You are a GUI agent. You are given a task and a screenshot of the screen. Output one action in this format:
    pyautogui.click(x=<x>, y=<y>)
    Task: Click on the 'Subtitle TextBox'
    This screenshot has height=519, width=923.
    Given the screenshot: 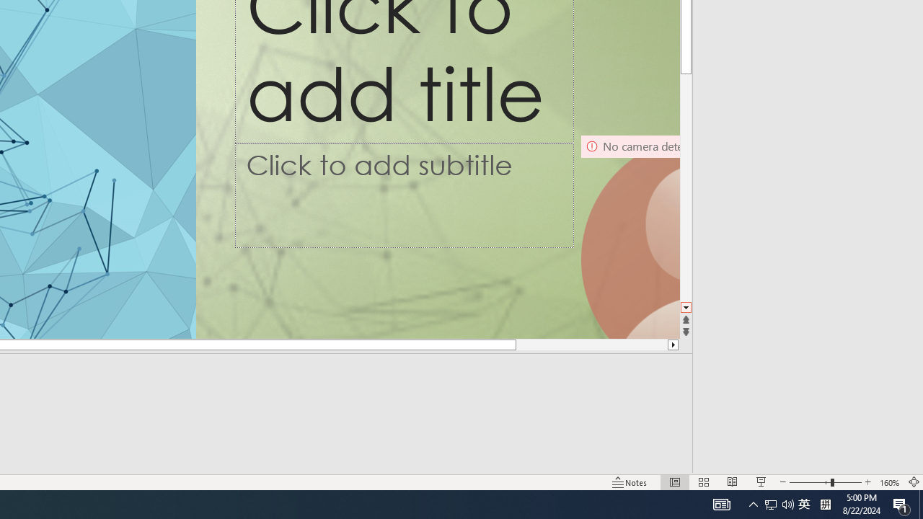 What is the action you would take?
    pyautogui.click(x=404, y=195)
    